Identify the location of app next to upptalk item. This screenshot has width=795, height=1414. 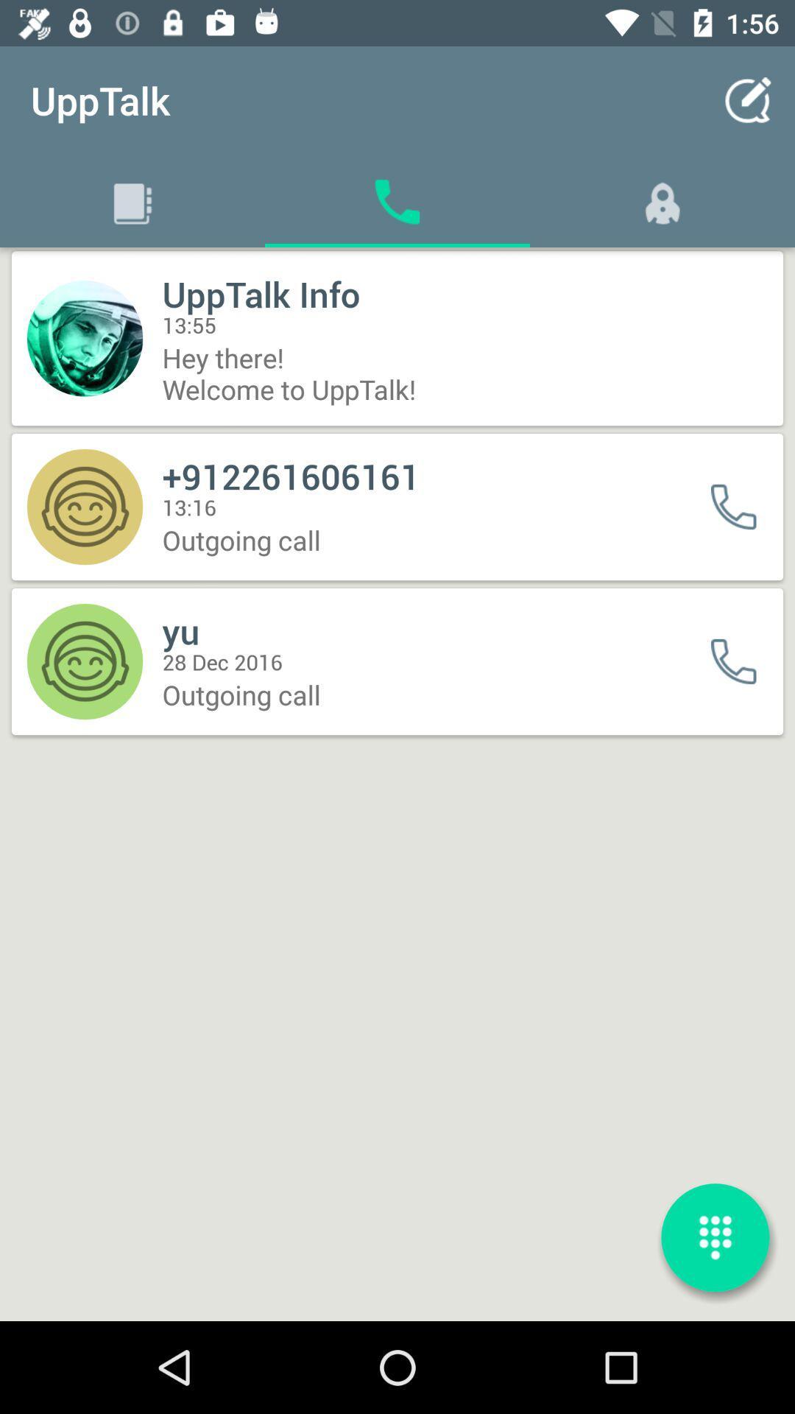
(749, 99).